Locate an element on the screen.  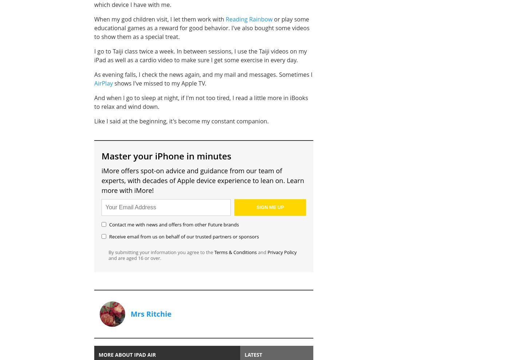
'AirPlay' is located at coordinates (103, 83).